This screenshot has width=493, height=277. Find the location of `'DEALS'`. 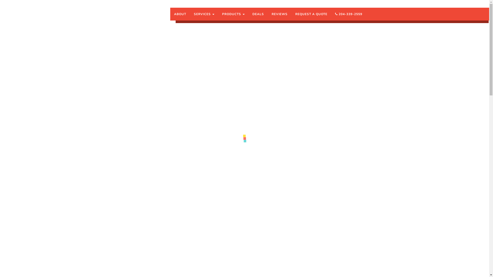

'DEALS' is located at coordinates (258, 14).